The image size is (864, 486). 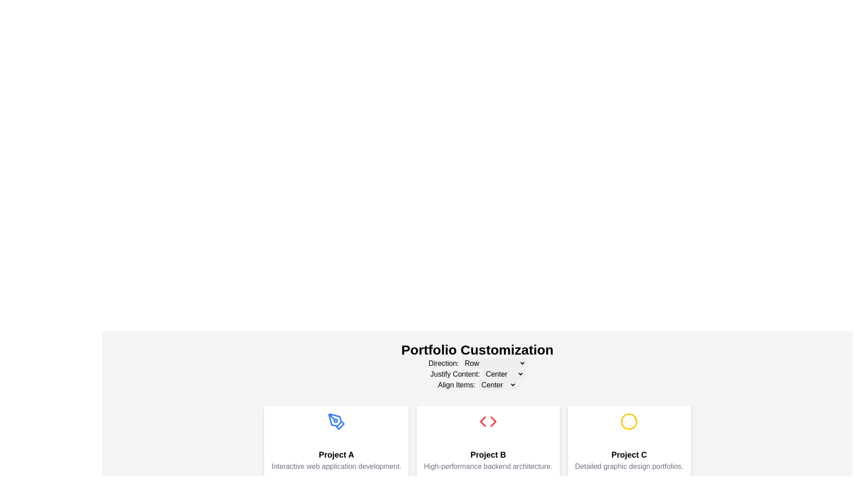 What do you see at coordinates (503, 373) in the screenshot?
I see `the dropdown menu for alignment options located` at bounding box center [503, 373].